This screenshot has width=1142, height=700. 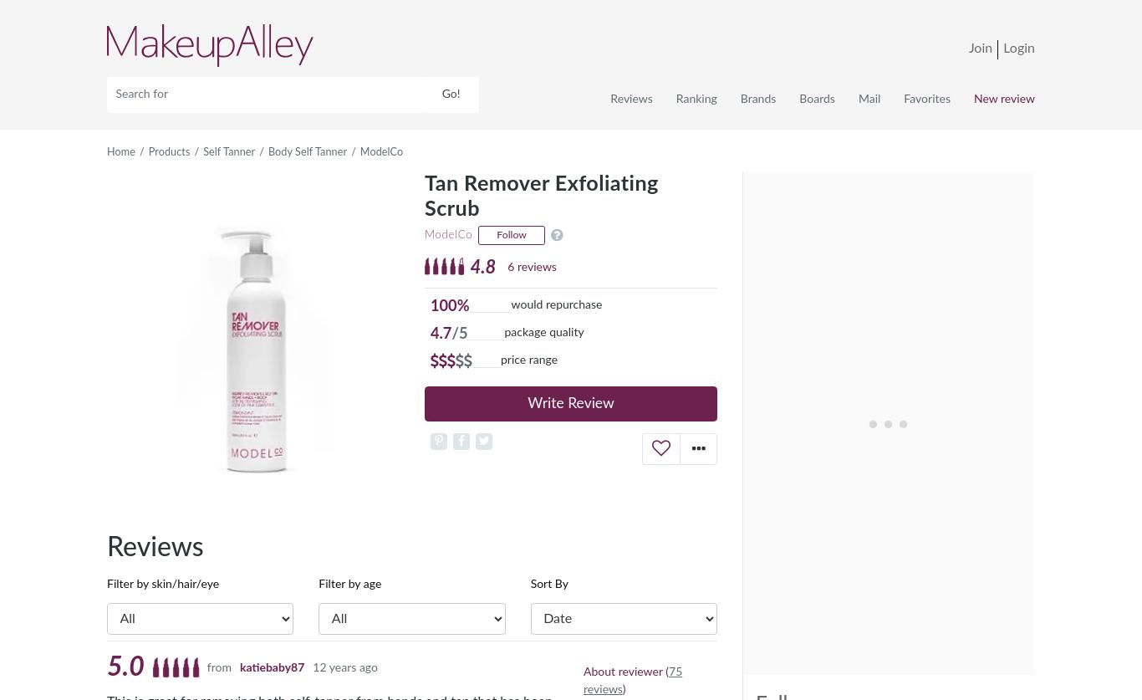 What do you see at coordinates (450, 305) in the screenshot?
I see `'100%'` at bounding box center [450, 305].